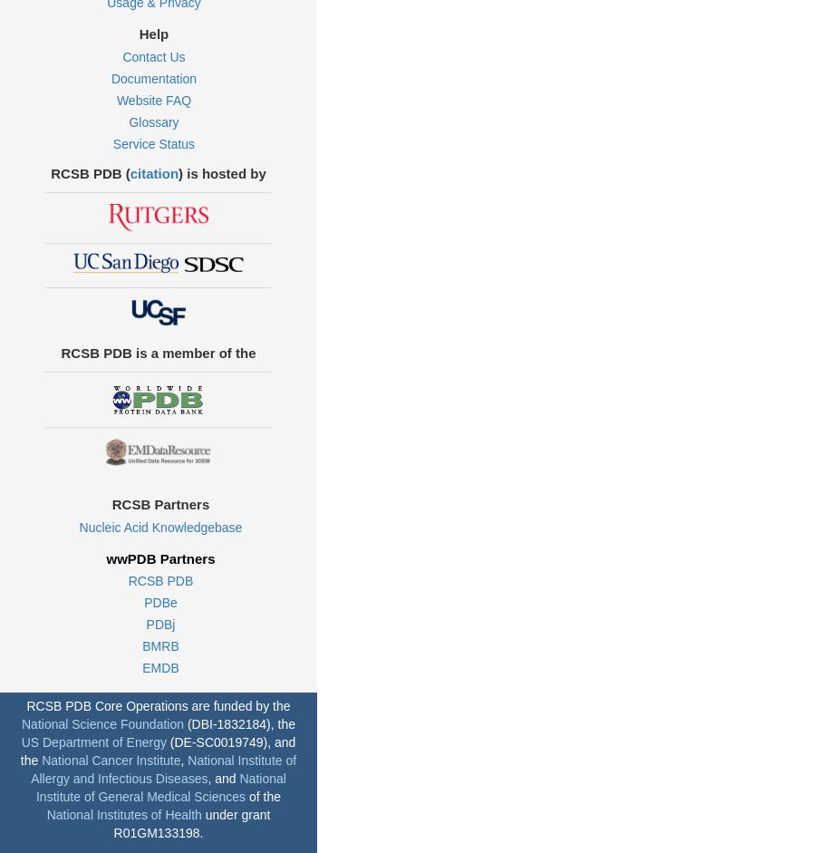 The height and width of the screenshot is (853, 830). I want to click on 'of the', so click(262, 795).